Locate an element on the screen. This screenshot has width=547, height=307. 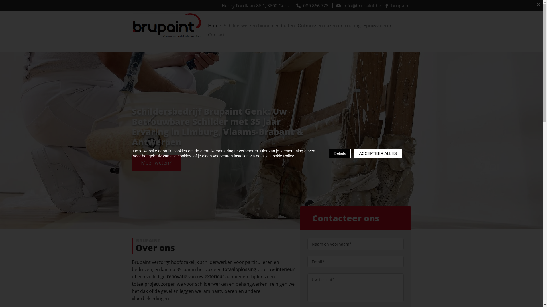
'Meer weten?' is located at coordinates (157, 163).